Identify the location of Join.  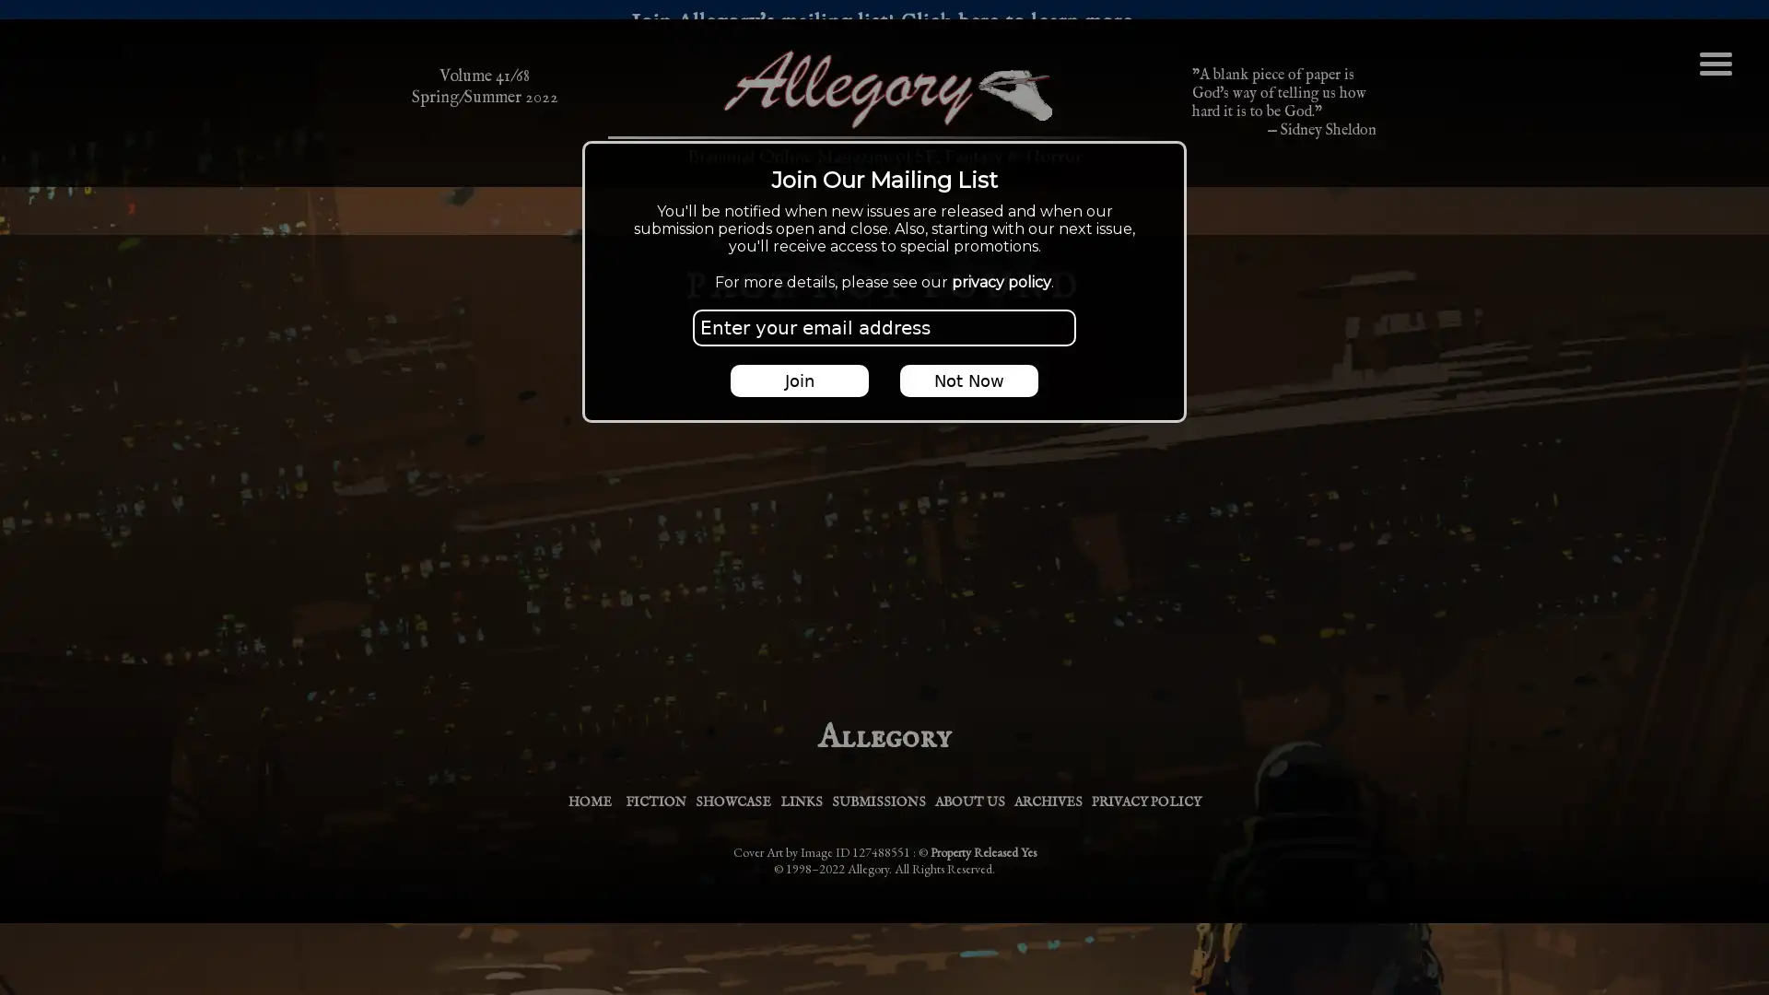
(800, 380).